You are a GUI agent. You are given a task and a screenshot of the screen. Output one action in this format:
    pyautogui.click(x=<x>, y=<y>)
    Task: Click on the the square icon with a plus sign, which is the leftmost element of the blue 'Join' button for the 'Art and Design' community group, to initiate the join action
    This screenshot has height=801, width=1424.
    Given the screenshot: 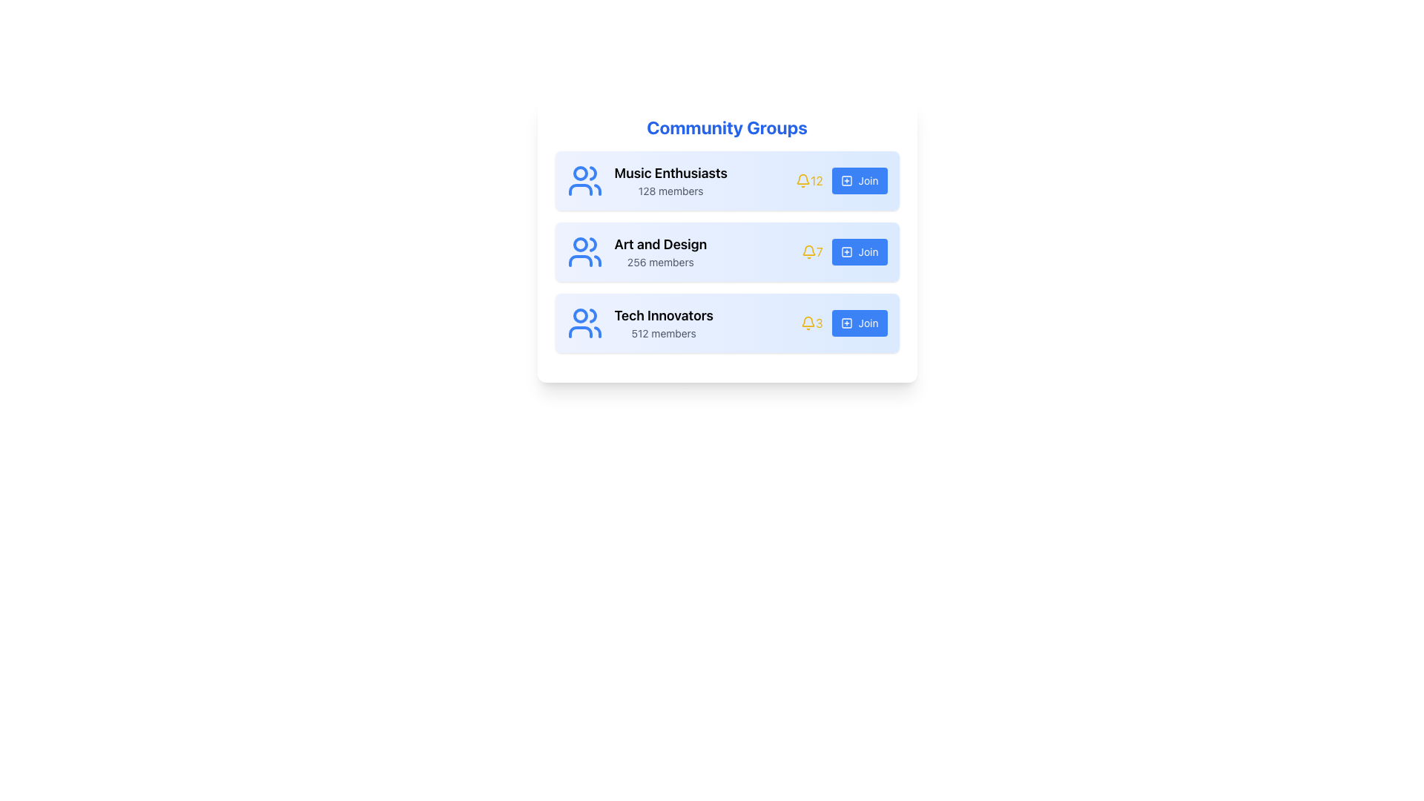 What is the action you would take?
    pyautogui.click(x=846, y=251)
    